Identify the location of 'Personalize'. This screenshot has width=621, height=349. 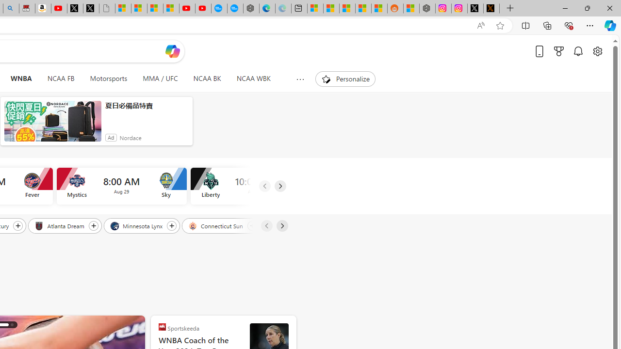
(345, 79).